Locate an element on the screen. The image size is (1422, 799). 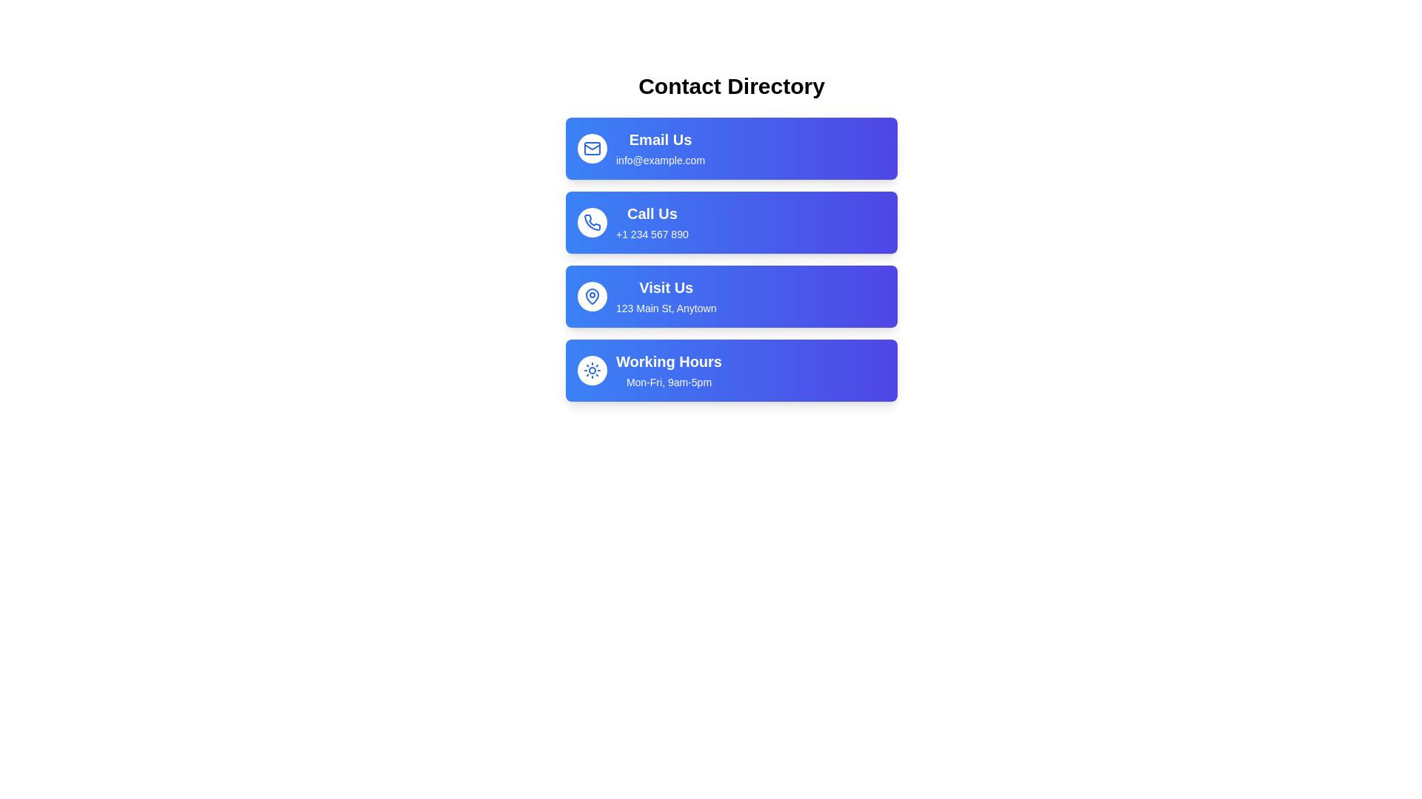
the textual label 'Working Hours', which serves as the title of the fourth contact entry in the vertically stacked contact directory list, located centrally within its button is located at coordinates (668, 362).